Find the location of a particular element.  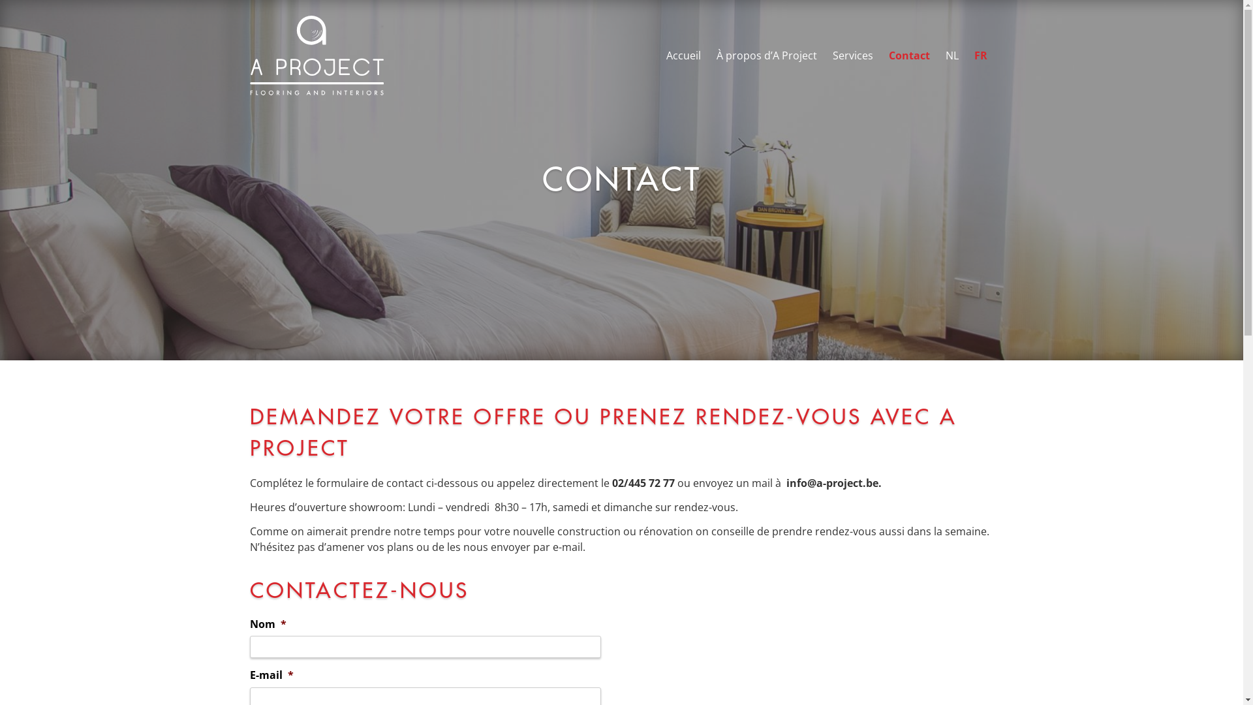

'Accueil' is located at coordinates (665, 54).